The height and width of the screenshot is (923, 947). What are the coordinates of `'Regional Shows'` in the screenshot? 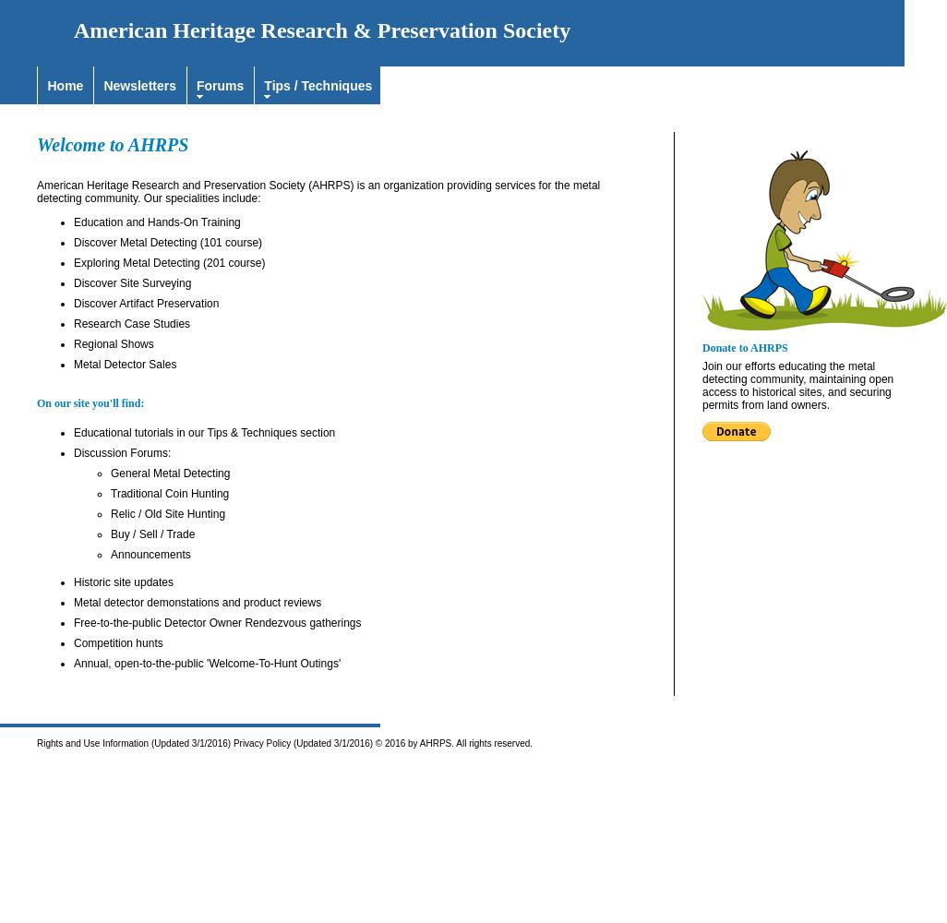 It's located at (114, 343).